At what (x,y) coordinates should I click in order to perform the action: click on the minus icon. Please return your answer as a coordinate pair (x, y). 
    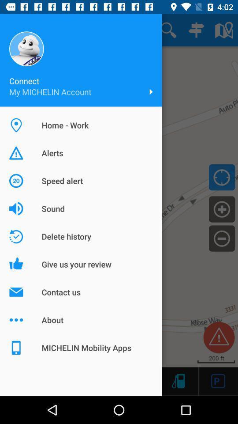
    Looking at the image, I should click on (221, 238).